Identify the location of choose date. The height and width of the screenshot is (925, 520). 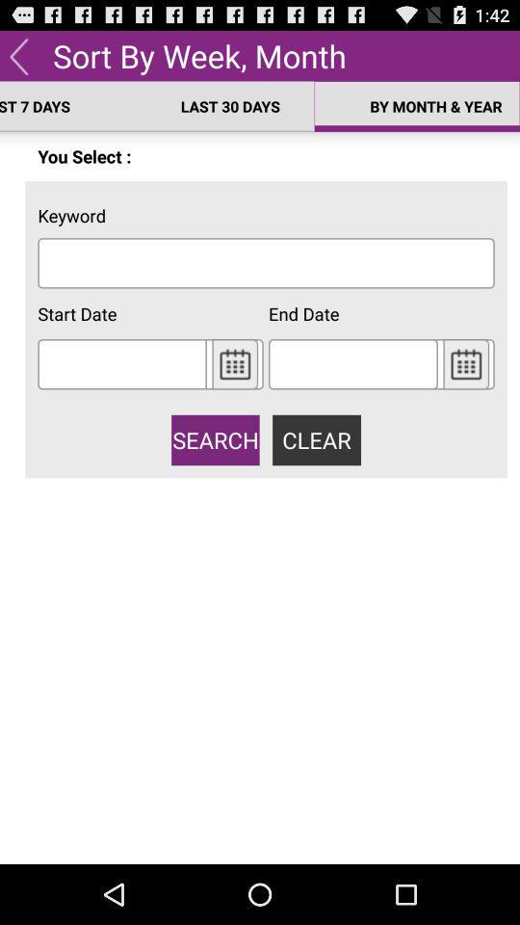
(465, 362).